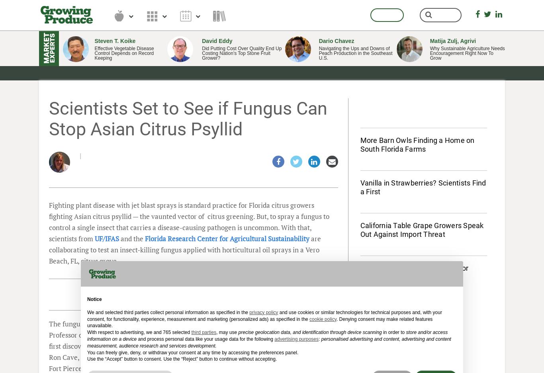 The height and width of the screenshot is (373, 544). Describe the element at coordinates (219, 357) in the screenshot. I see `'UF/IFAS Indian River Research and Education Center (IRREC)'` at that location.